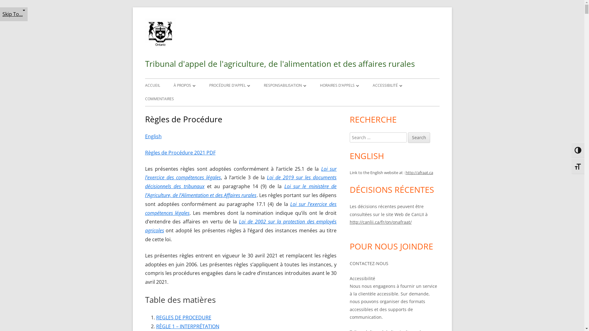 This screenshot has width=589, height=331. What do you see at coordinates (380, 222) in the screenshot?
I see `'http://canlii.ca/fr/on/onafraat/'` at bounding box center [380, 222].